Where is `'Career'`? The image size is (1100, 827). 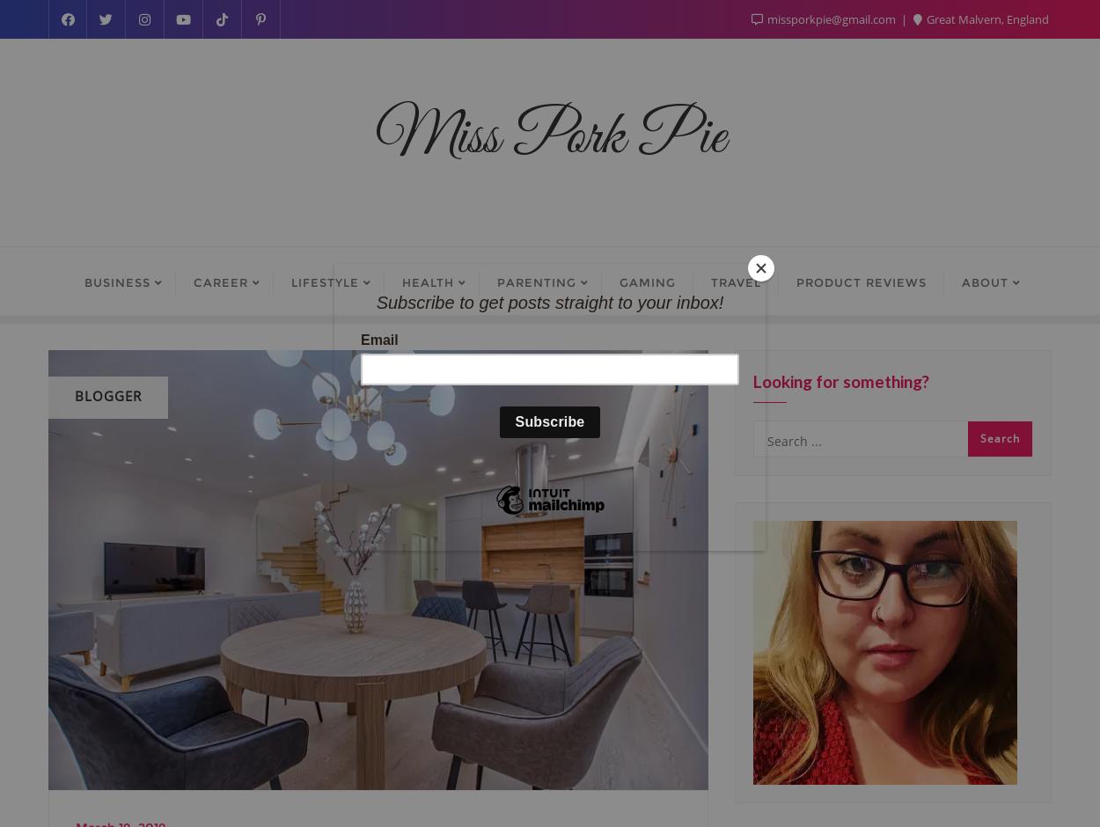 'Career' is located at coordinates (192, 282).